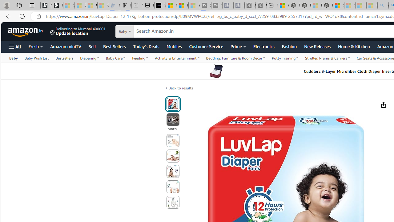  Describe the element at coordinates (327, 5) in the screenshot. I see `'Nordace - Nordace Siena Is Not An Ordinary Backpack'` at that location.